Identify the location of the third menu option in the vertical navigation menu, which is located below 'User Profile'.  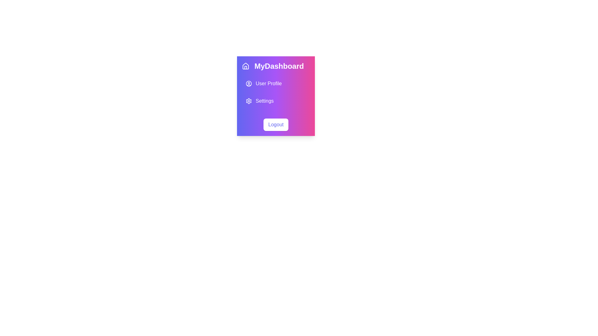
(264, 100).